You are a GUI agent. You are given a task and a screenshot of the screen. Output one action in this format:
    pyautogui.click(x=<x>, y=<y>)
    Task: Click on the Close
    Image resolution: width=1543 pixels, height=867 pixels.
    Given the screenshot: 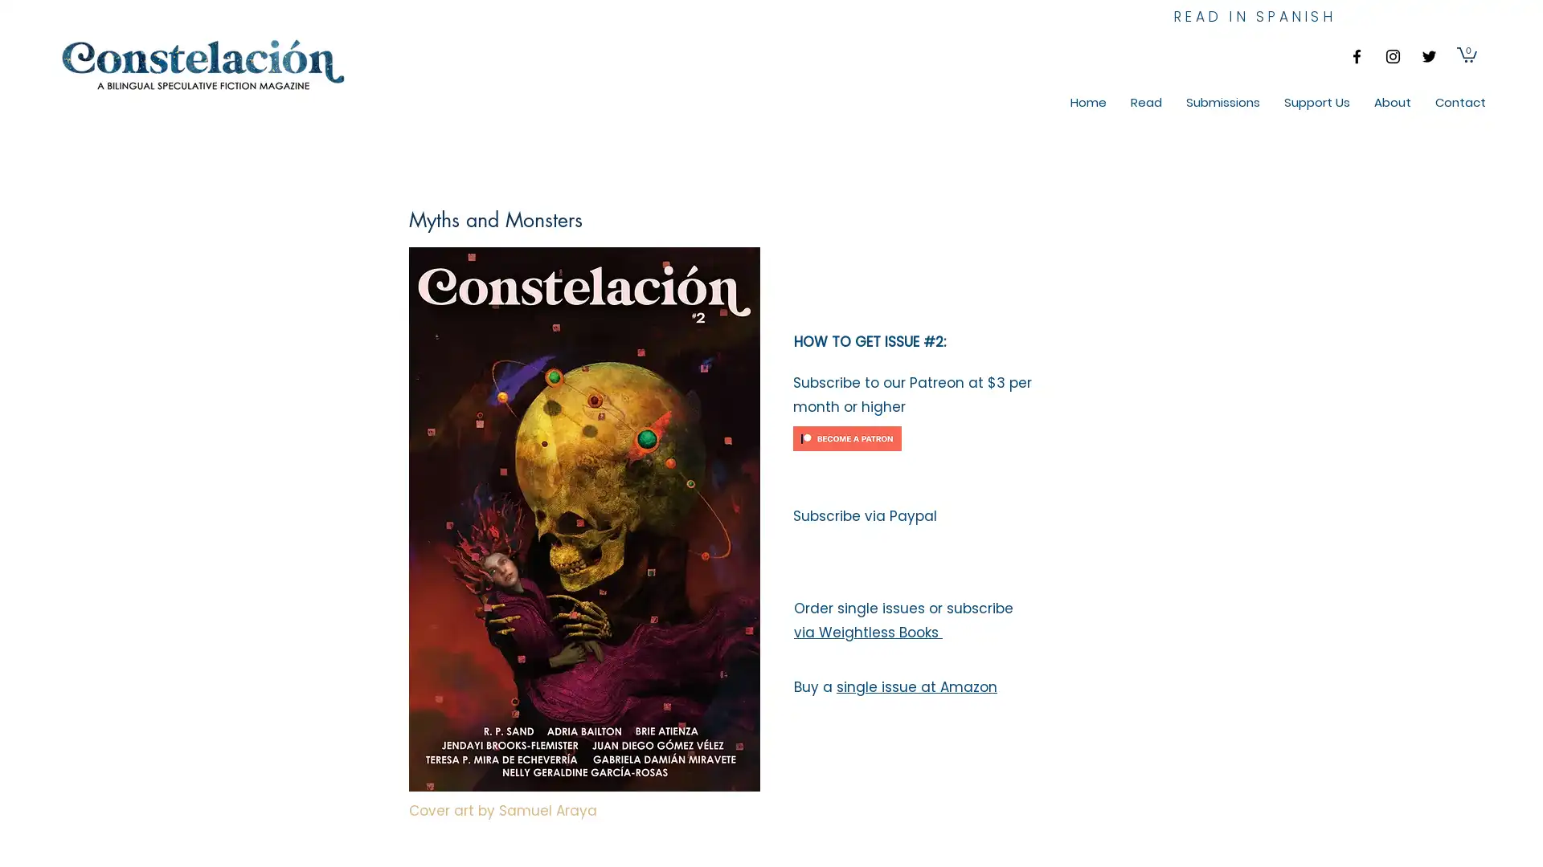 What is the action you would take?
    pyautogui.click(x=1523, y=838)
    